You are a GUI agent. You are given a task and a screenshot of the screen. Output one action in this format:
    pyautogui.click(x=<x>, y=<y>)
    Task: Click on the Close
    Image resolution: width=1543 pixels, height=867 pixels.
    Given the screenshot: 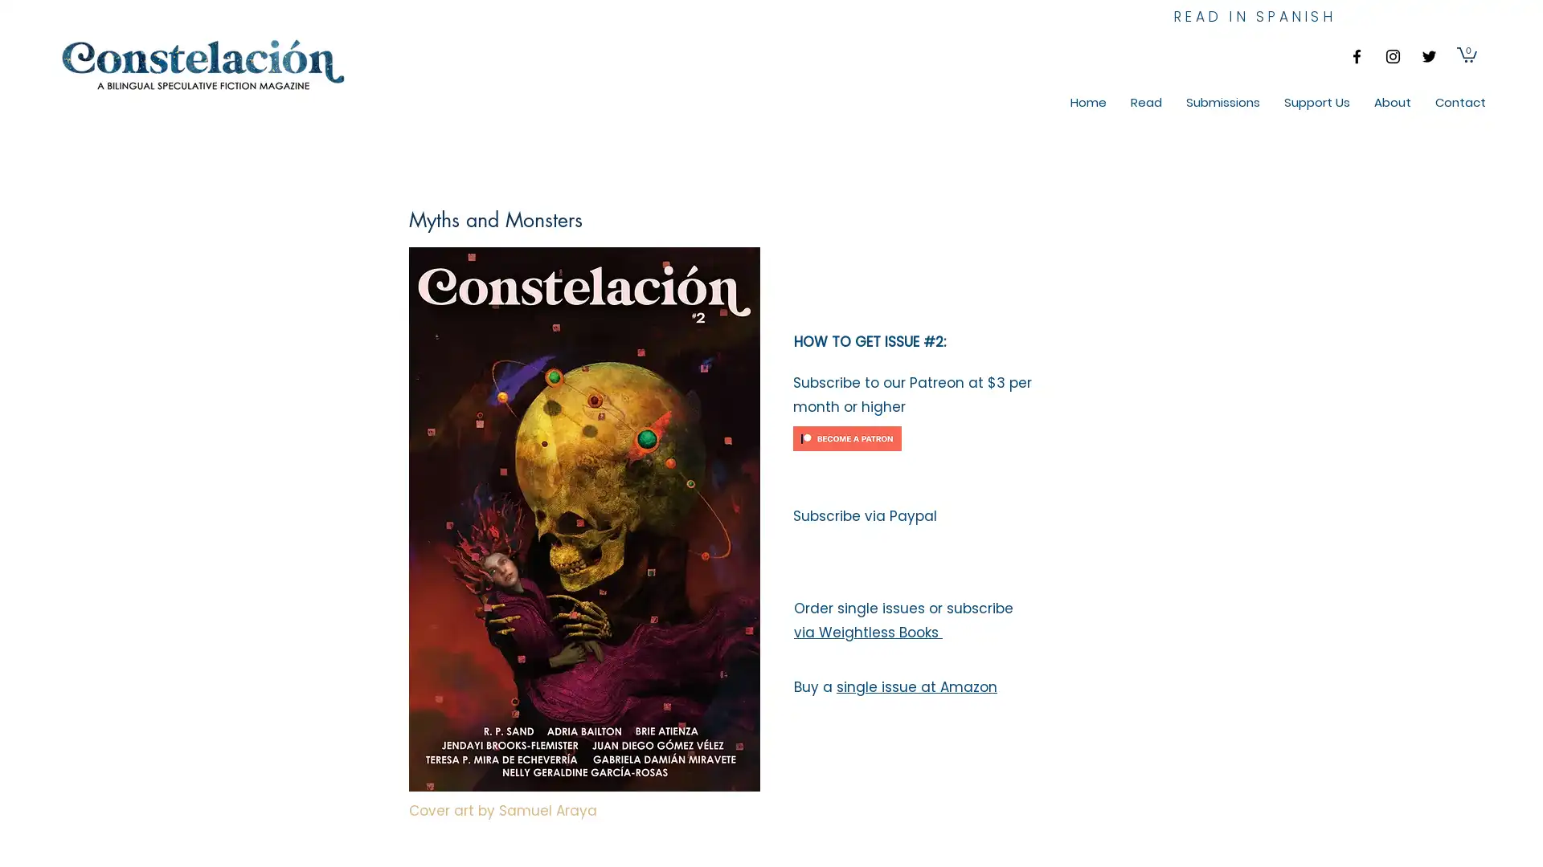 What is the action you would take?
    pyautogui.click(x=1523, y=838)
    